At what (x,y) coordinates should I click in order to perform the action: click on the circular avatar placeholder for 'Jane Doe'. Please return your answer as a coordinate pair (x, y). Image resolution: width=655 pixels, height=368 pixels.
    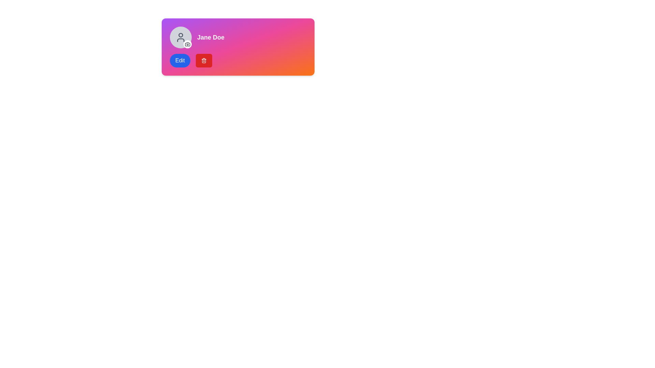
    Looking at the image, I should click on (180, 37).